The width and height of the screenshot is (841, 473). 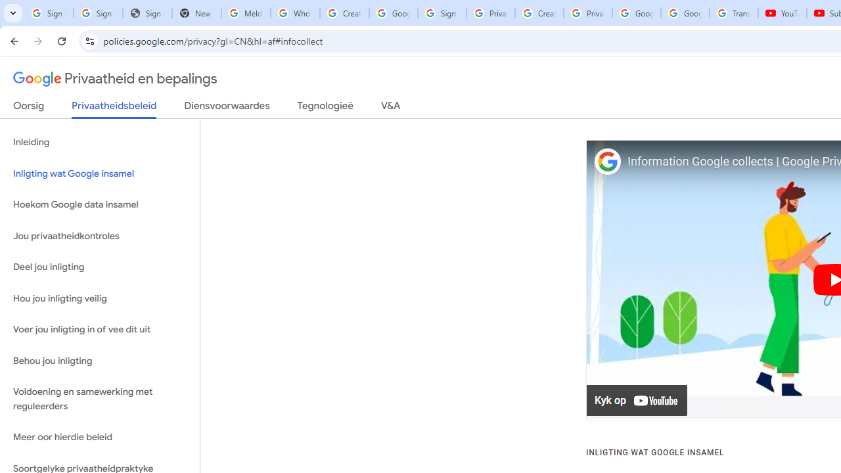 I want to click on 'Inligting wat Google insamel', so click(x=99, y=173).